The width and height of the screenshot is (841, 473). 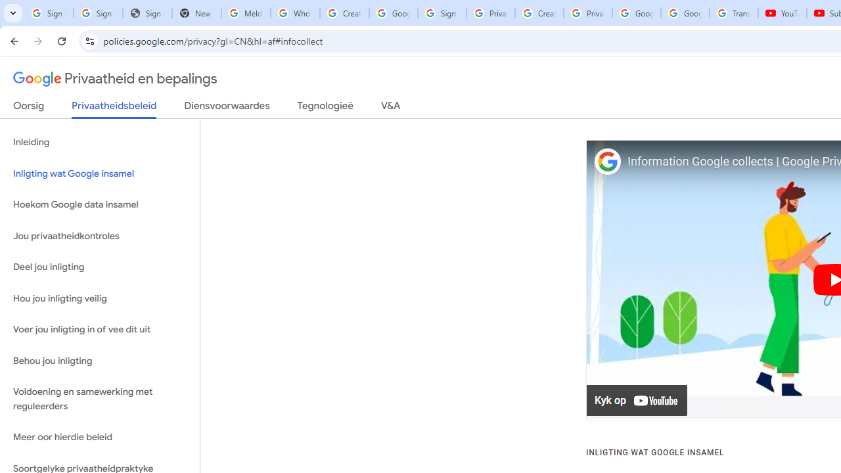 I want to click on 'Inligting wat Google insamel', so click(x=99, y=173).